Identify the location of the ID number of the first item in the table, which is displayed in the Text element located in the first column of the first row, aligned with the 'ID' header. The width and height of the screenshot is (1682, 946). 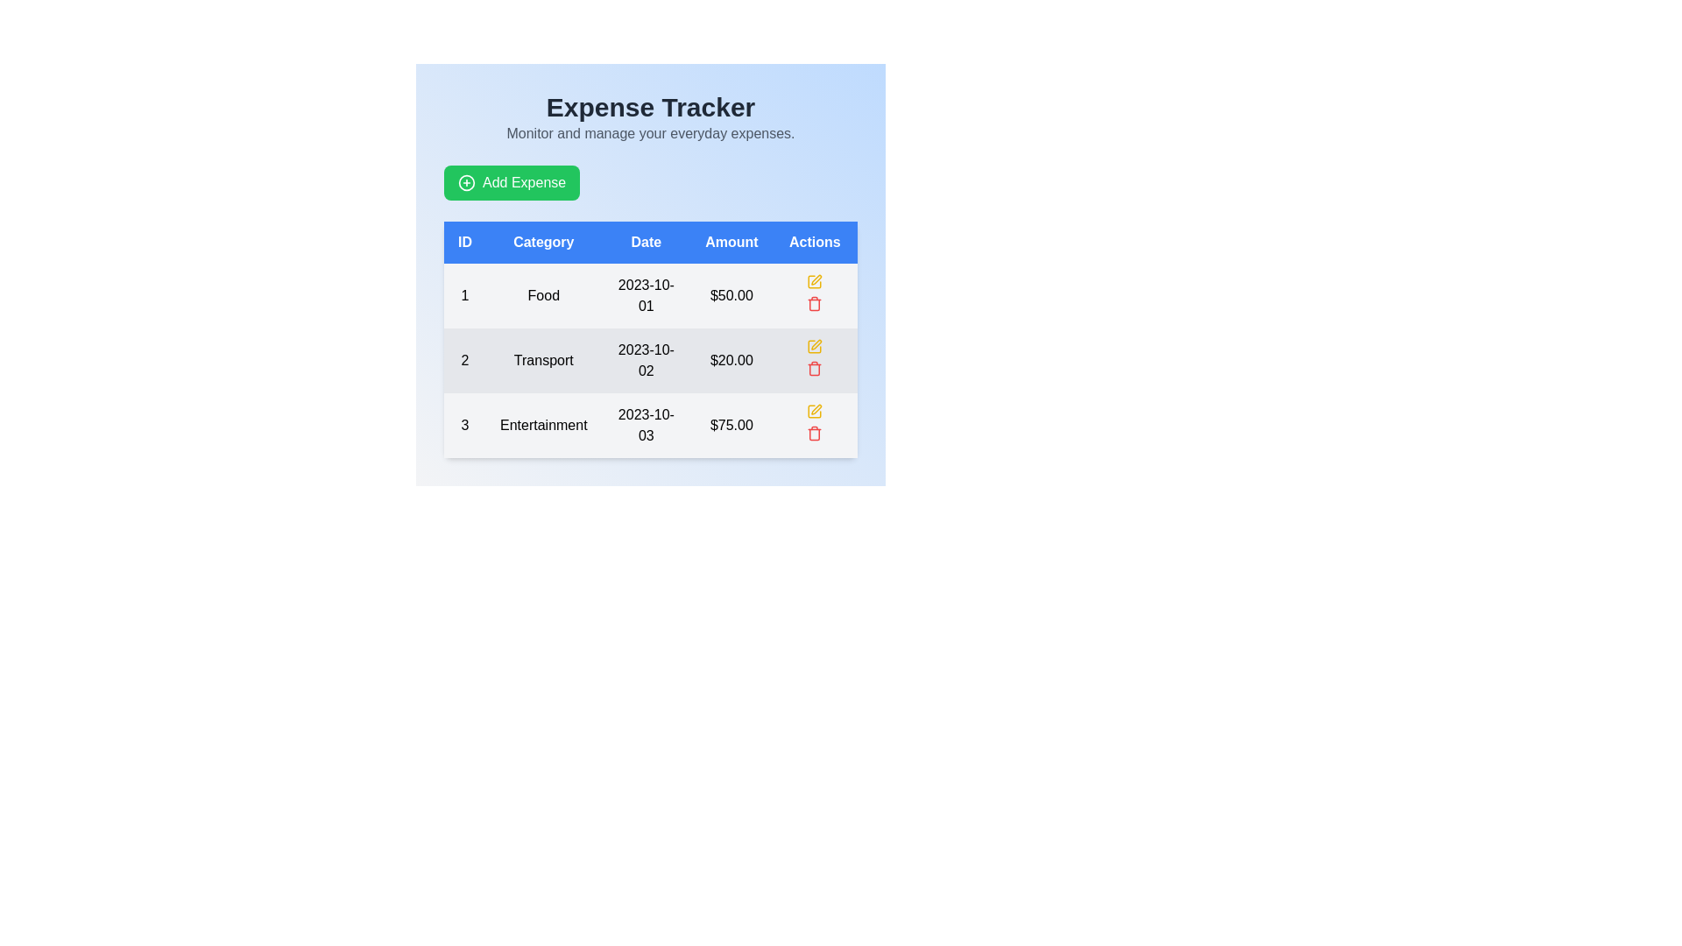
(465, 295).